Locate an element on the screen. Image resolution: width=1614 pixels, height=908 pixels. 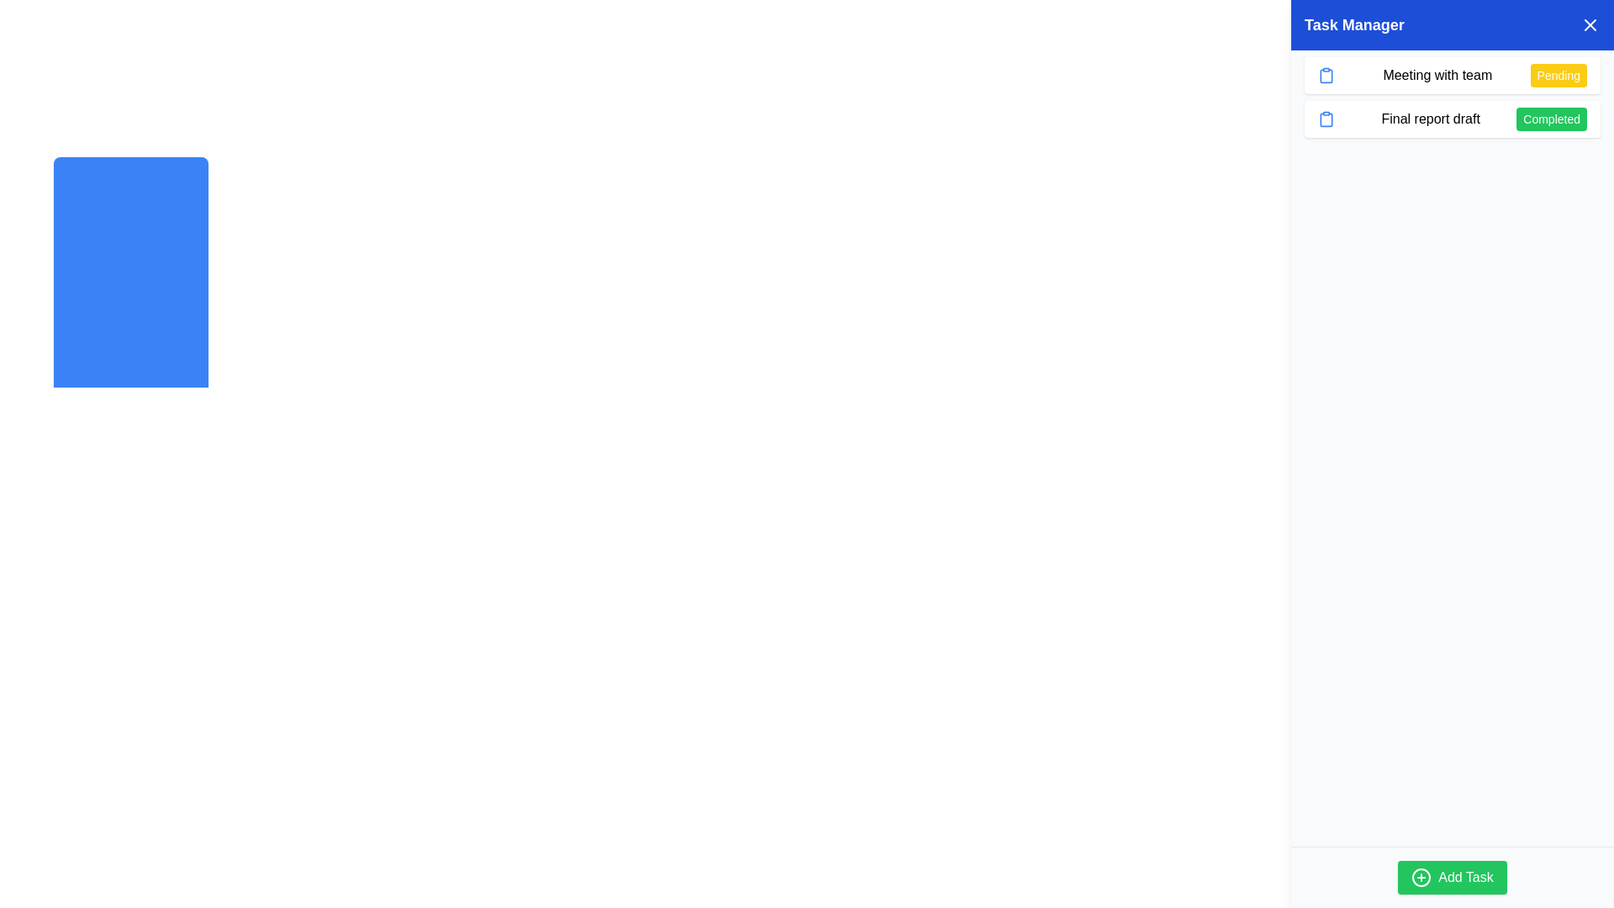
the clipboard icon outlined in bright blue located in the left part of the 'Final report draft' row is located at coordinates (1326, 119).